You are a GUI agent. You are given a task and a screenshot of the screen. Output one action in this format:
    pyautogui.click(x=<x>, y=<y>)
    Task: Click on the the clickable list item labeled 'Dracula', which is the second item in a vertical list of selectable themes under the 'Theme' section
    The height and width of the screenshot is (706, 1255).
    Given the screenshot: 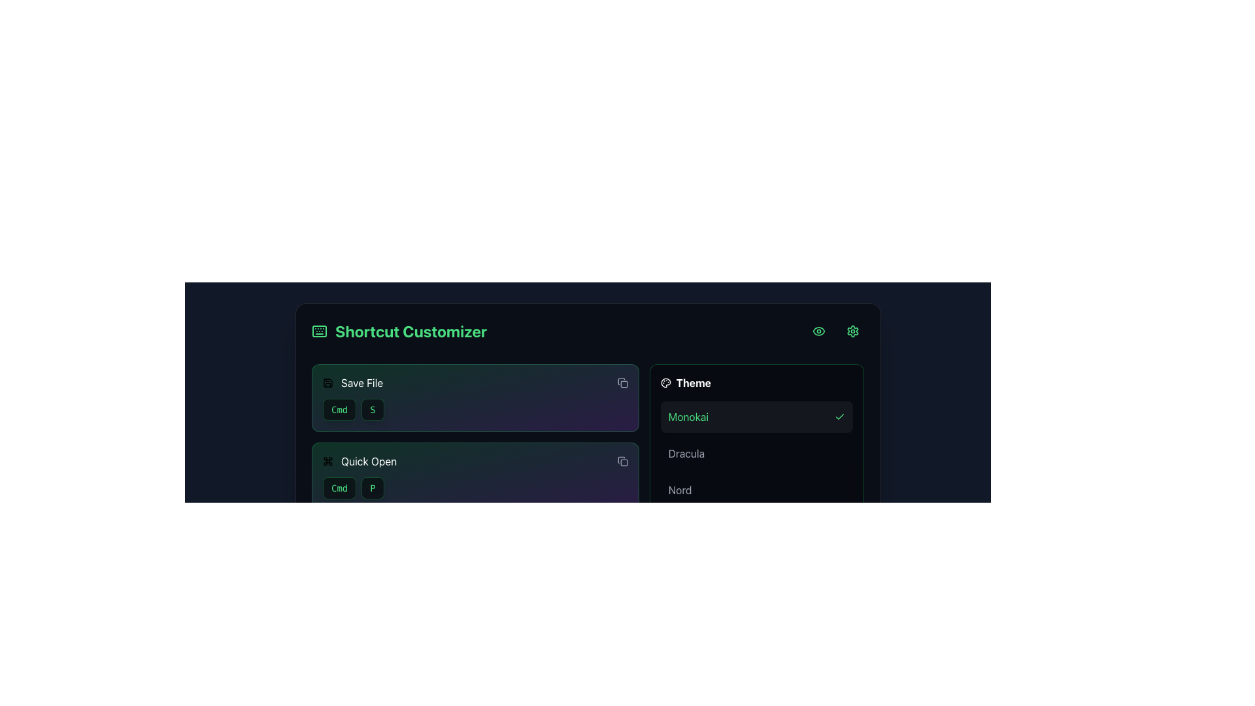 What is the action you would take?
    pyautogui.click(x=756, y=453)
    